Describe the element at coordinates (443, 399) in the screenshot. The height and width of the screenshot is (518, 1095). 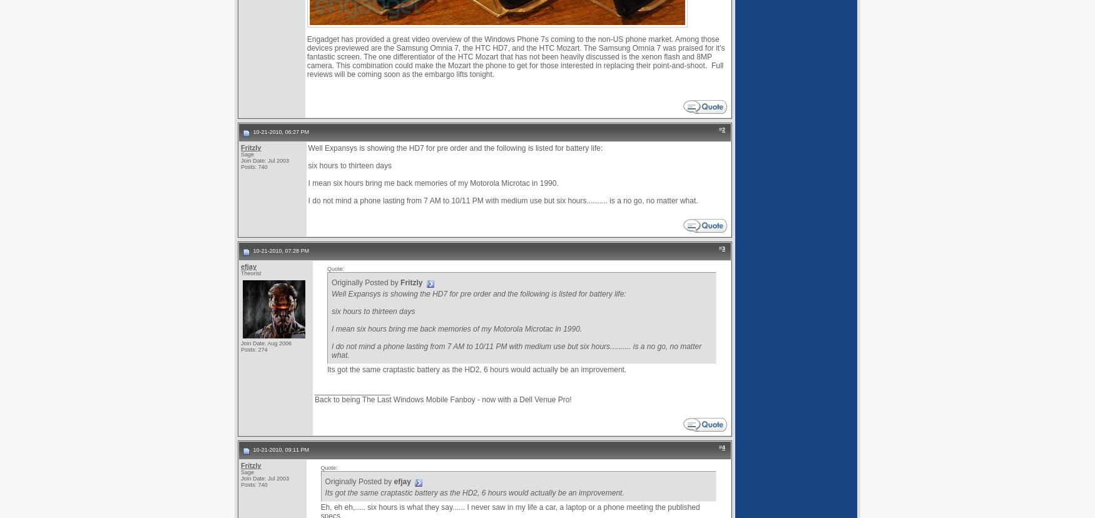
I see `'Back to being The Last Windows Mobile Fanboy - now with a Dell Venue Pro!'` at that location.